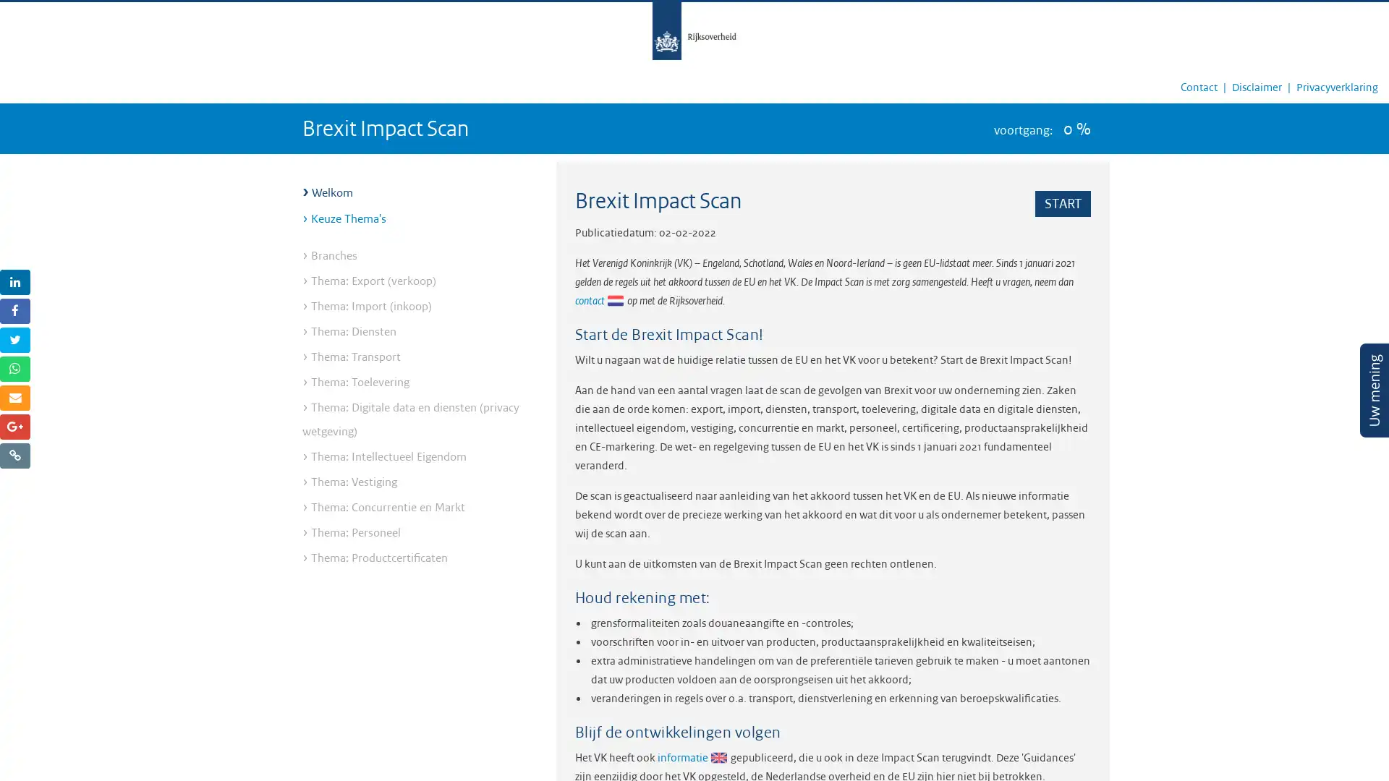 This screenshot has width=1389, height=781. What do you see at coordinates (416, 557) in the screenshot?
I see `Thema: Productcertificaten` at bounding box center [416, 557].